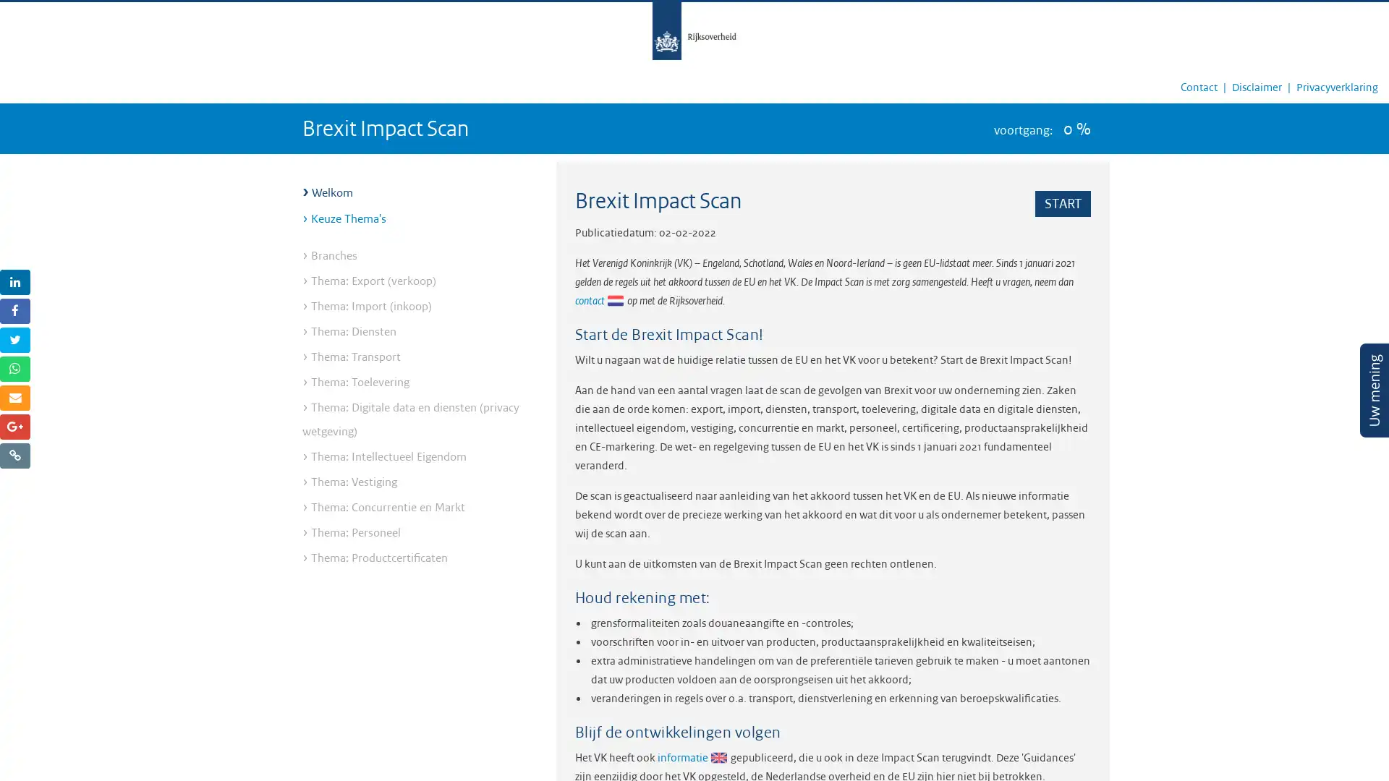 This screenshot has width=1389, height=781. What do you see at coordinates (416, 557) in the screenshot?
I see `Thema: Productcertificaten` at bounding box center [416, 557].